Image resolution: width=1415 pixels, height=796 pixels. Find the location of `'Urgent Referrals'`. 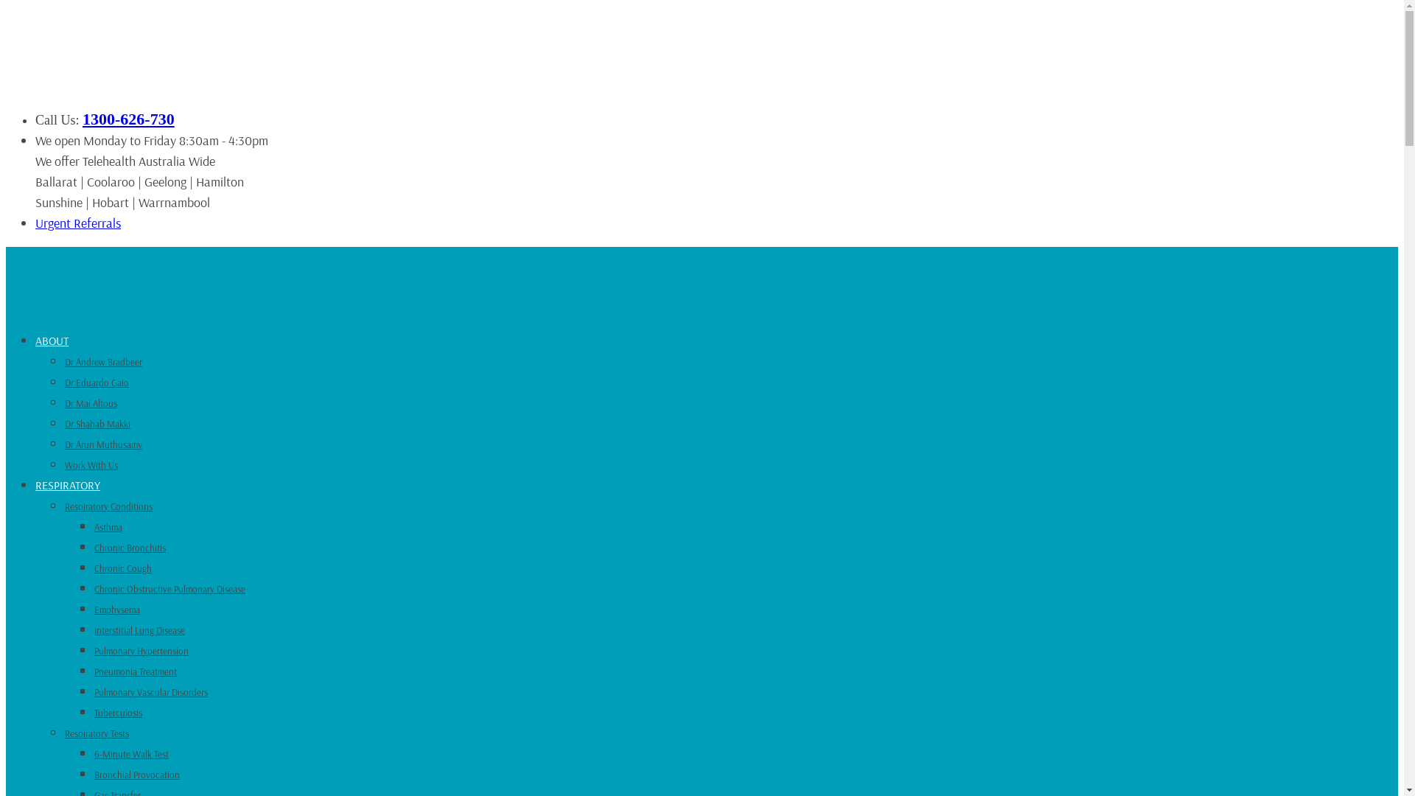

'Urgent Referrals' is located at coordinates (77, 223).